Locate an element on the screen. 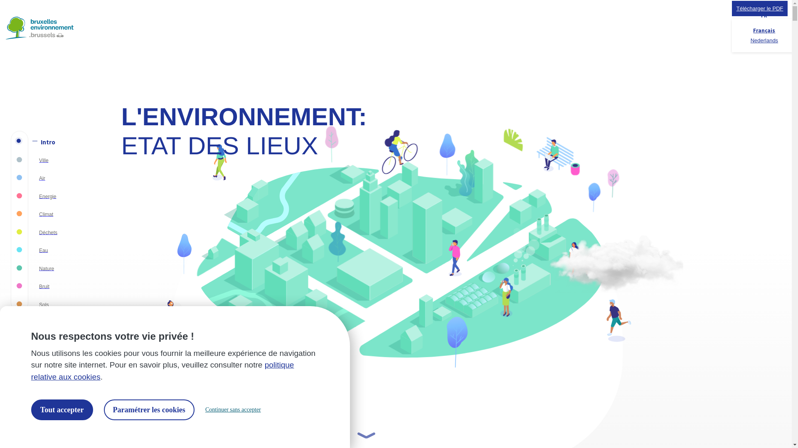 The image size is (798, 448). 'Energie' is located at coordinates (16, 196).